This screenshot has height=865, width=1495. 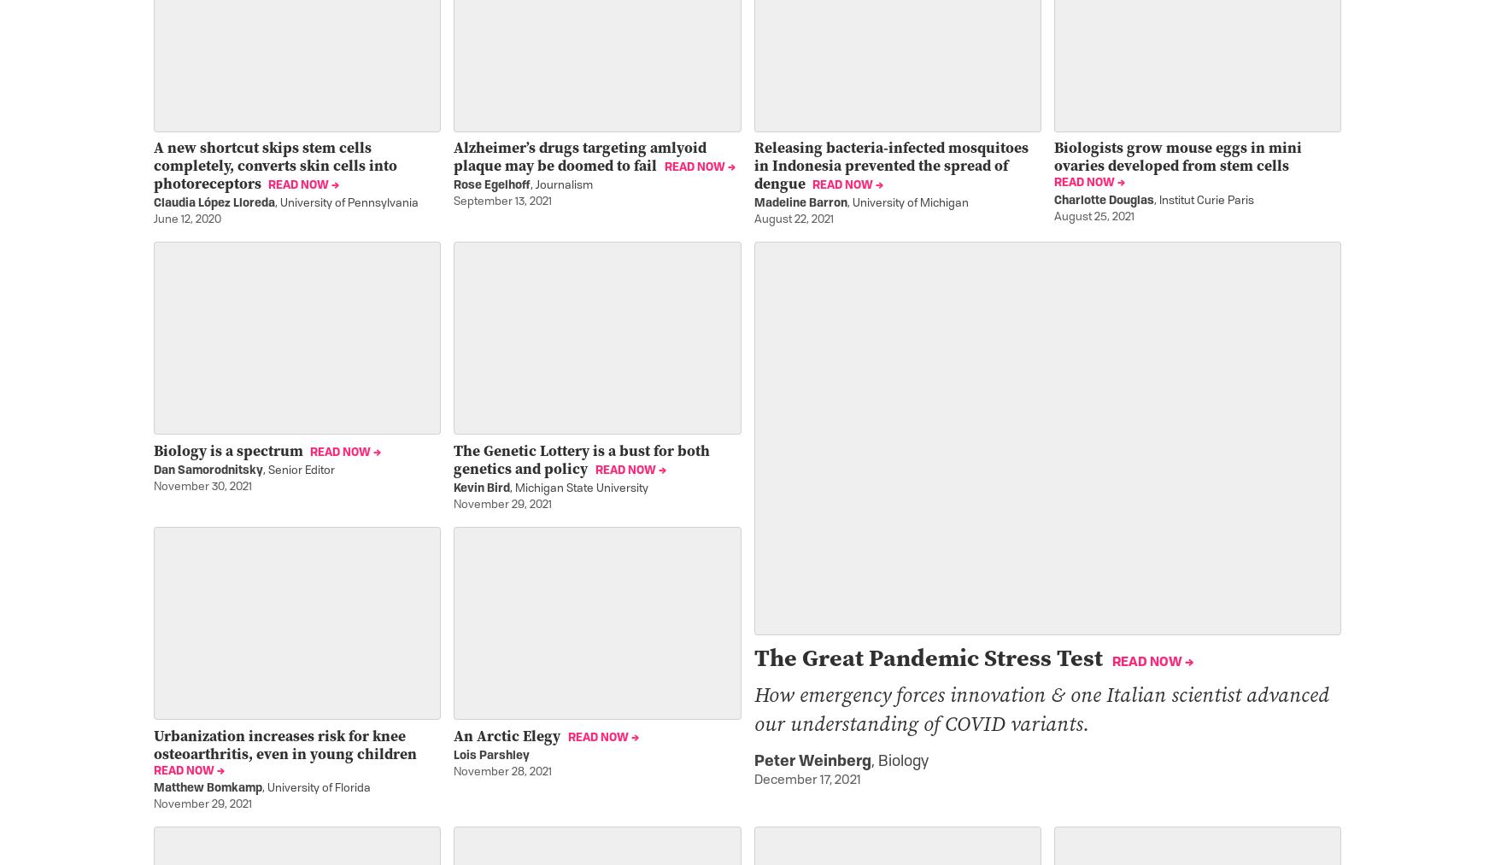 I want to click on ', Michigan State University', so click(x=577, y=488).